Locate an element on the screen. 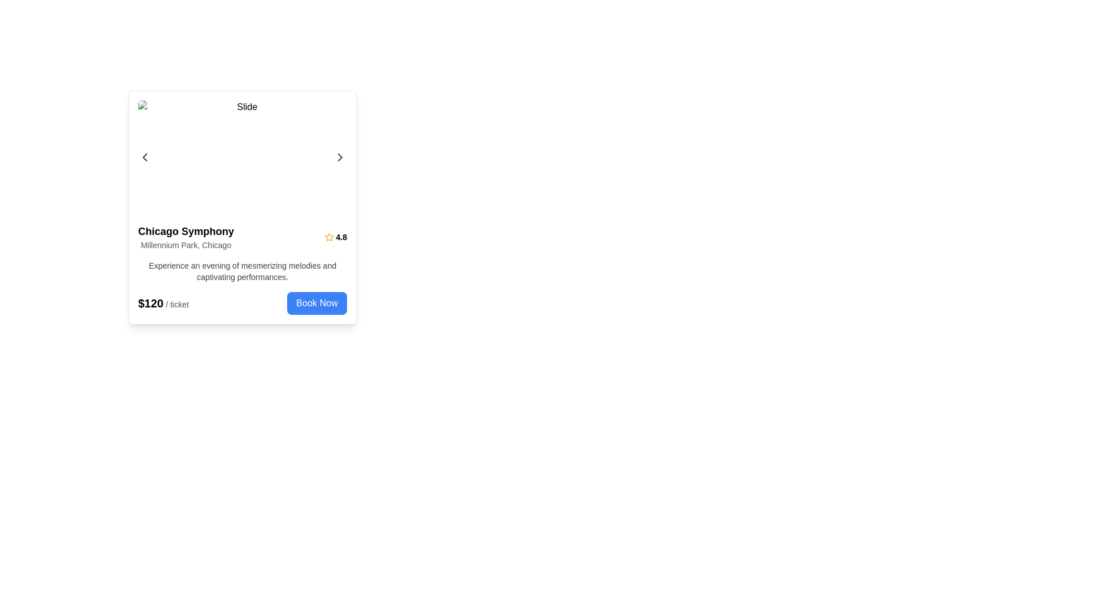 This screenshot has height=616, width=1096. the booking button located in the lower right section of the card to proceed with booking is located at coordinates (317, 303).